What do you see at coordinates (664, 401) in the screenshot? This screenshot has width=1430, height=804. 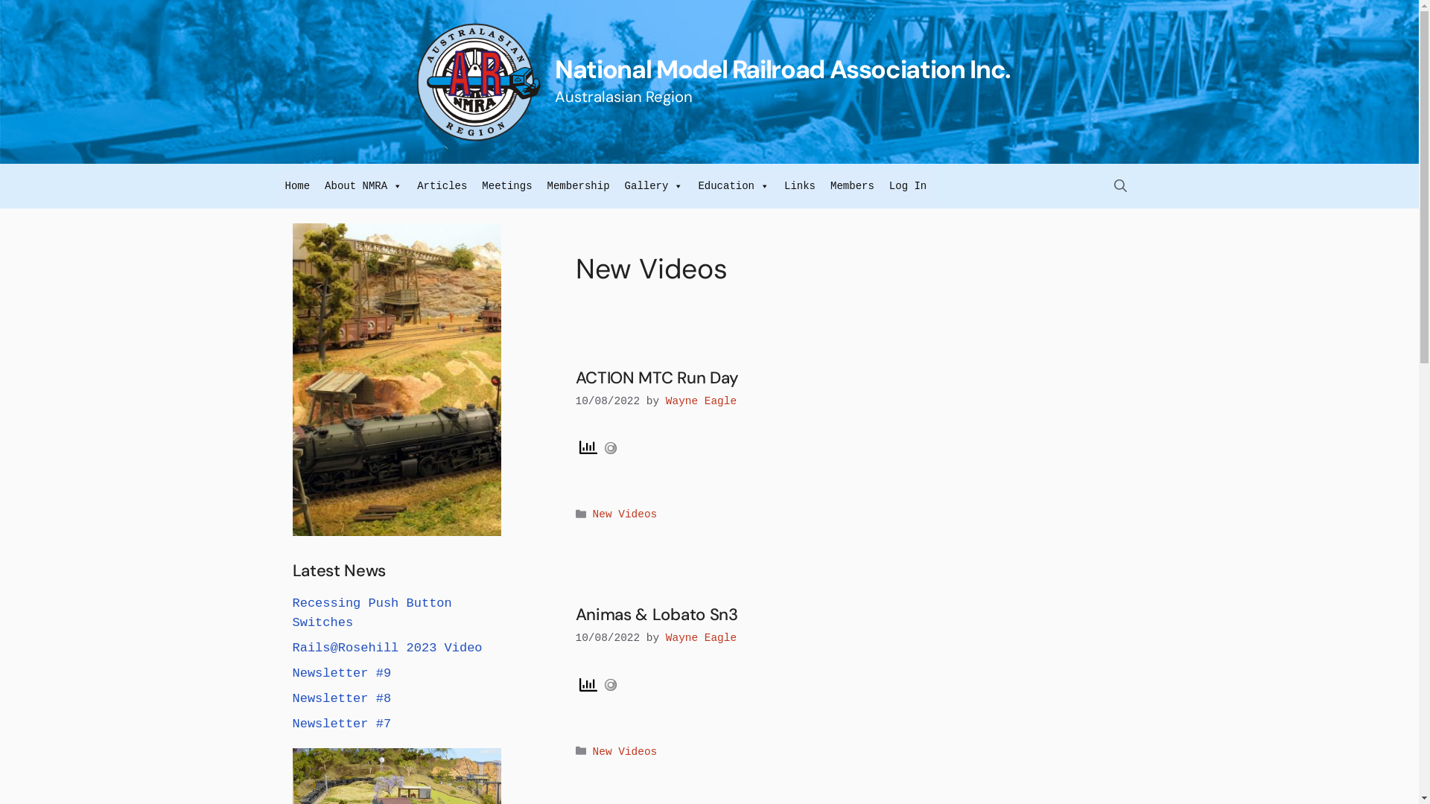 I see `'Wayne Eagle'` at bounding box center [664, 401].